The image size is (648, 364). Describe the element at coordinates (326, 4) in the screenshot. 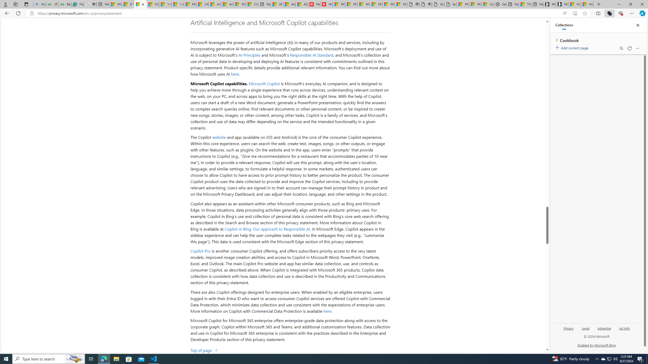

I see `'Illness news & latest pictures from Newsweek.com'` at that location.